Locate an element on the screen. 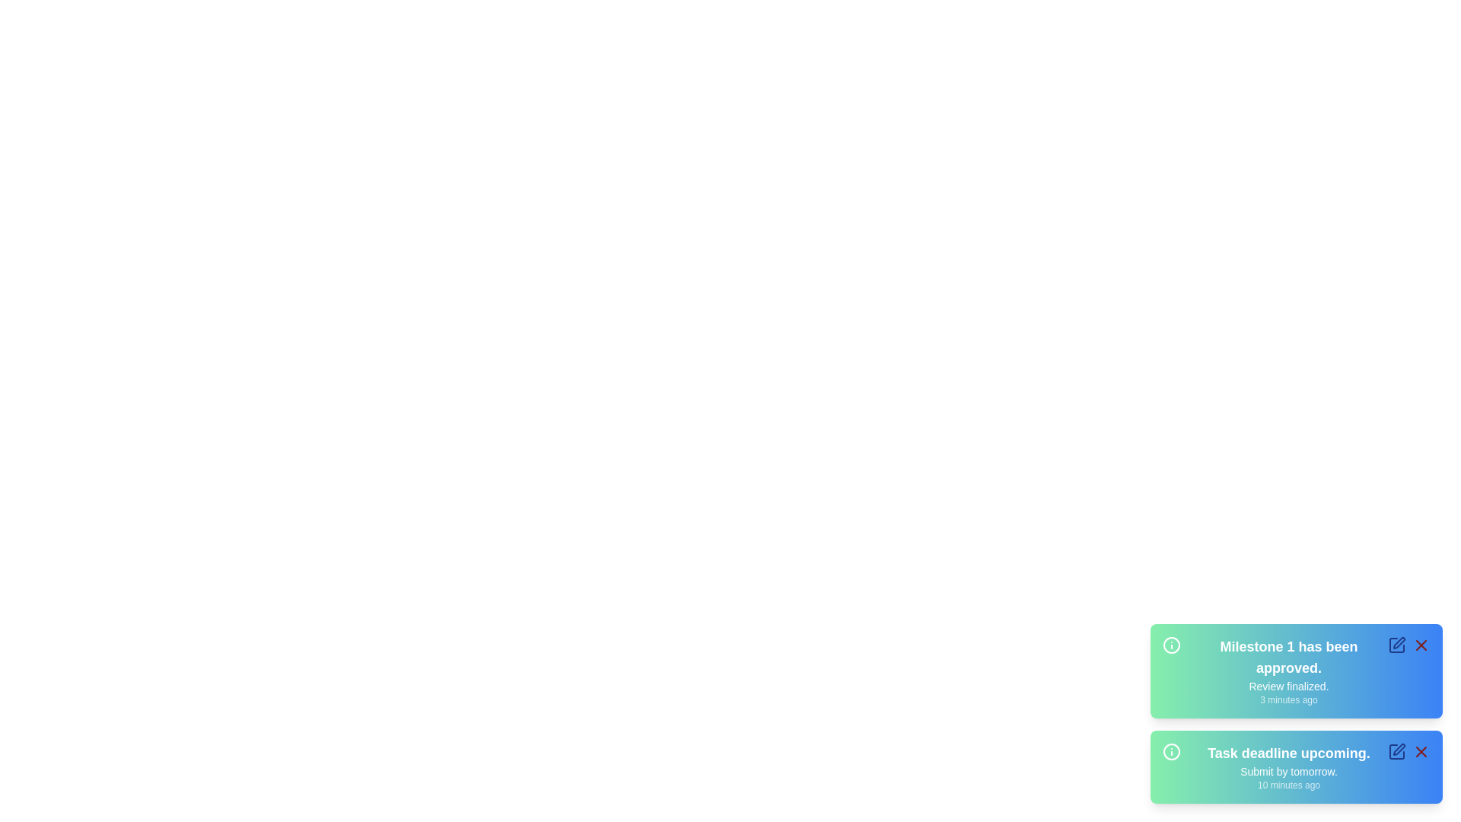 Image resolution: width=1461 pixels, height=822 pixels. edit button for the notification titled 'Milestone 1 has been approved.' is located at coordinates (1397, 645).